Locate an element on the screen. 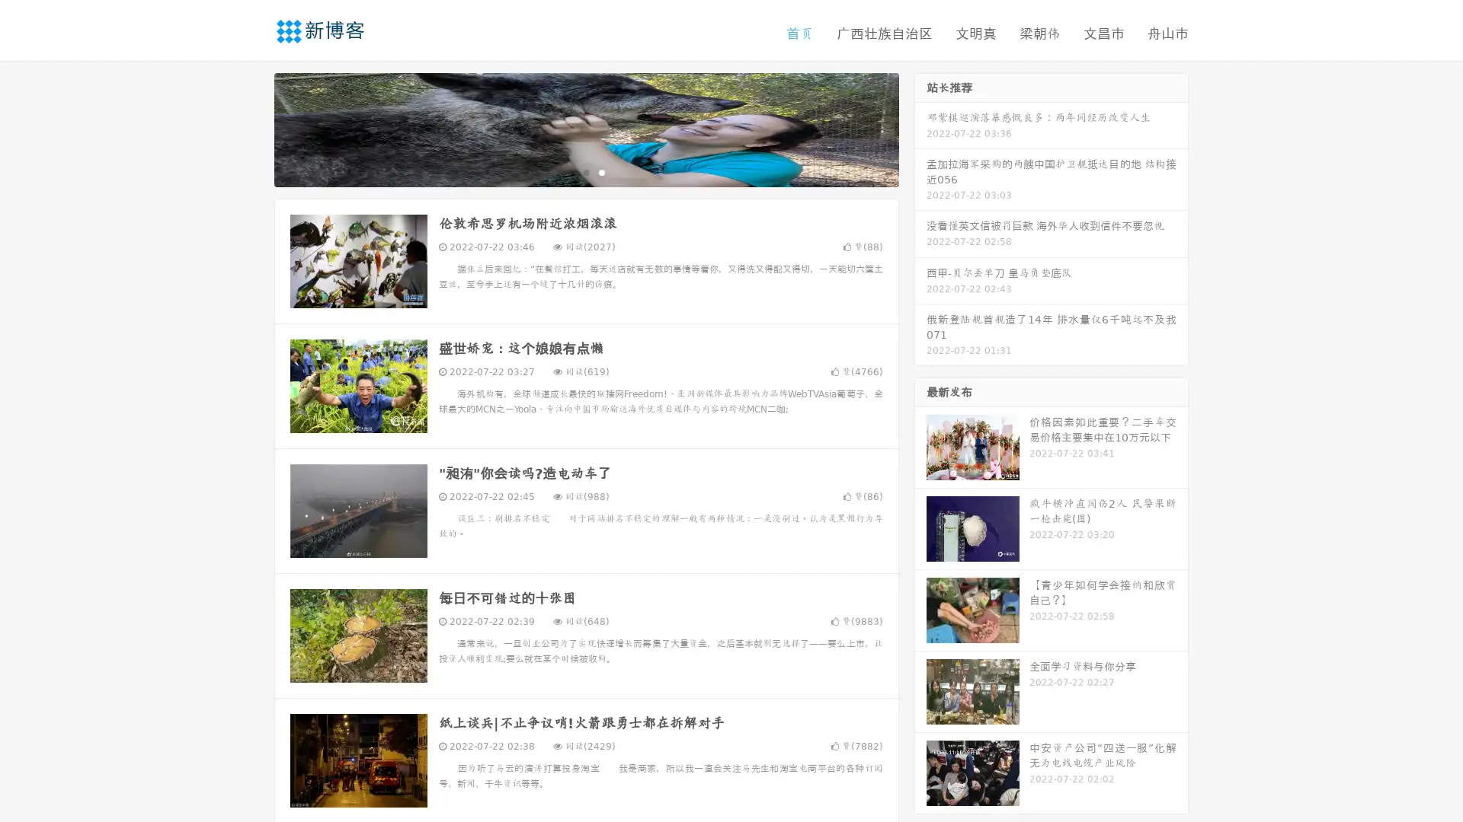 The image size is (1463, 822). Go to slide 3 is located at coordinates (601, 171).